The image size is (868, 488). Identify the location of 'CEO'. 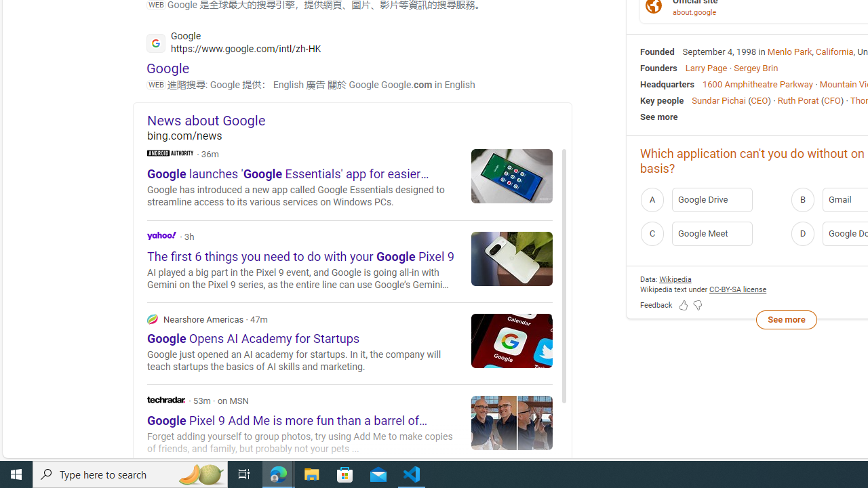
(759, 99).